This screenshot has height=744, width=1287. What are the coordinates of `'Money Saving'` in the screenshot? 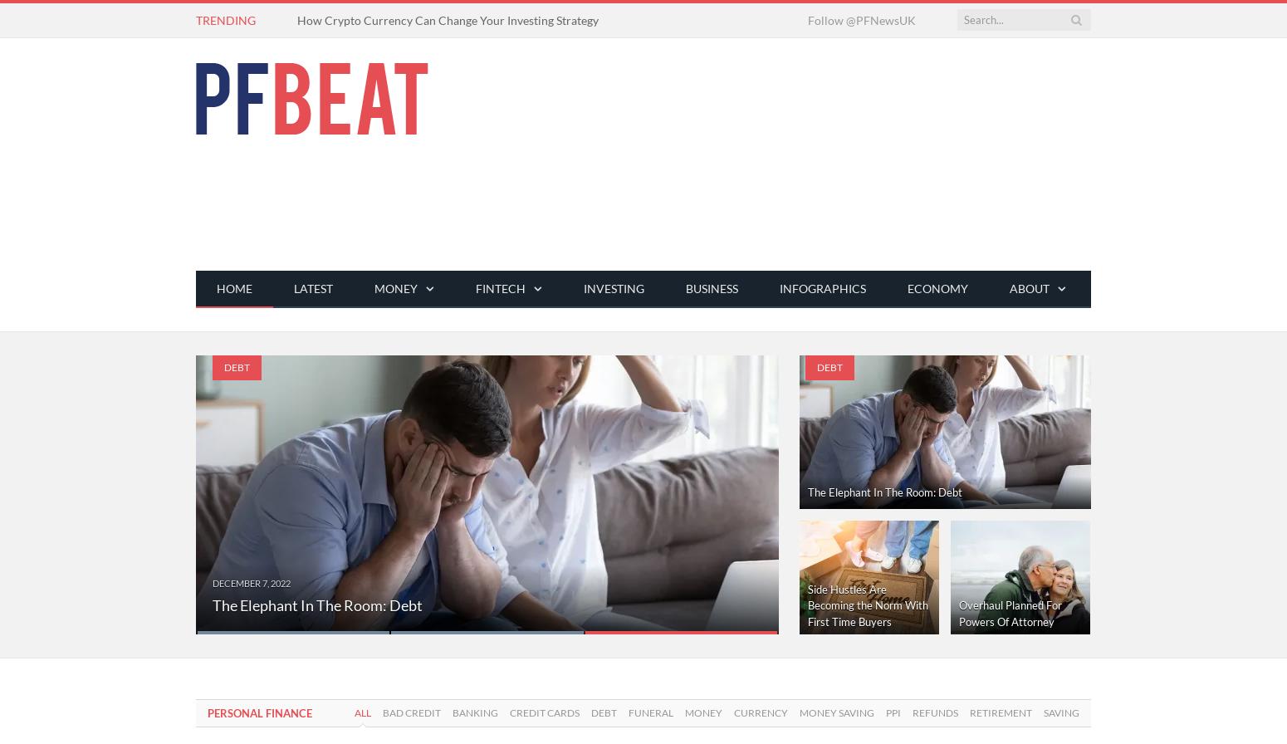 It's located at (835, 712).